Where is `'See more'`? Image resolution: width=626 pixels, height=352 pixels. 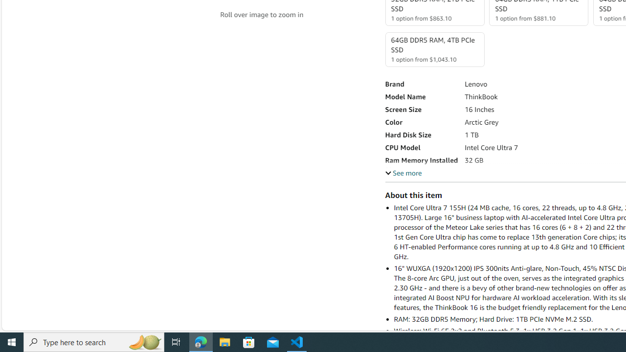
'See more' is located at coordinates (403, 172).